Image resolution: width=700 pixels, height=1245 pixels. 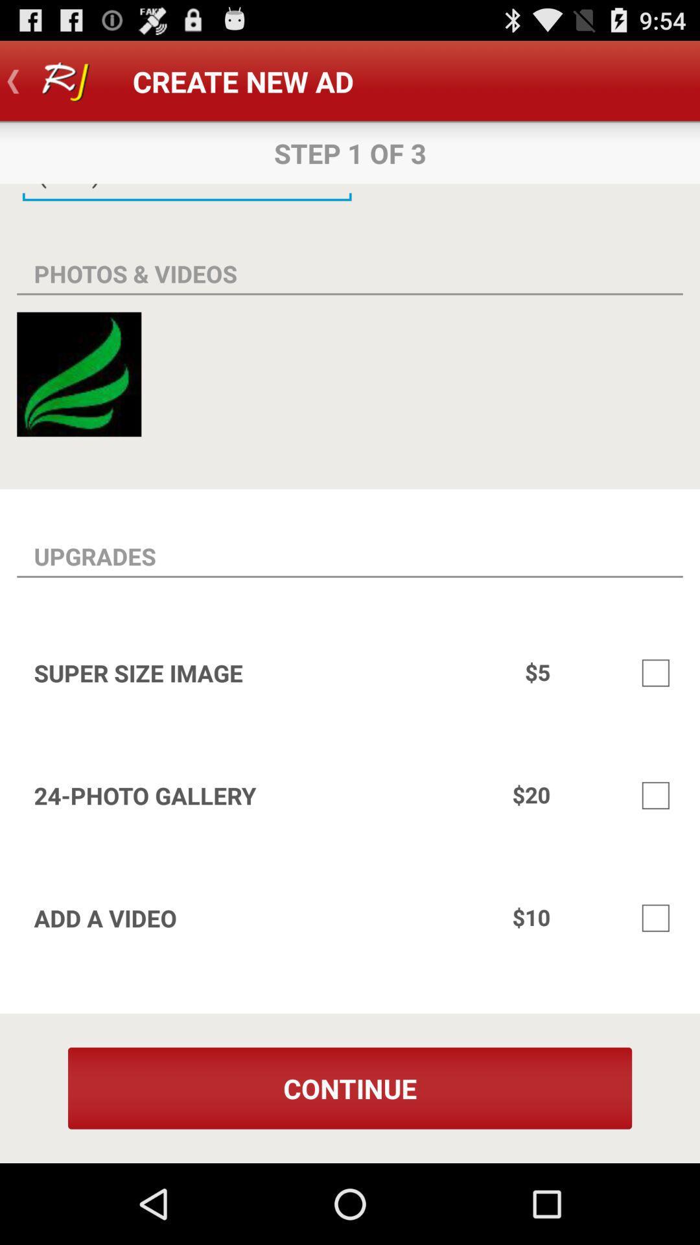 What do you see at coordinates (655, 918) in the screenshot?
I see `option` at bounding box center [655, 918].